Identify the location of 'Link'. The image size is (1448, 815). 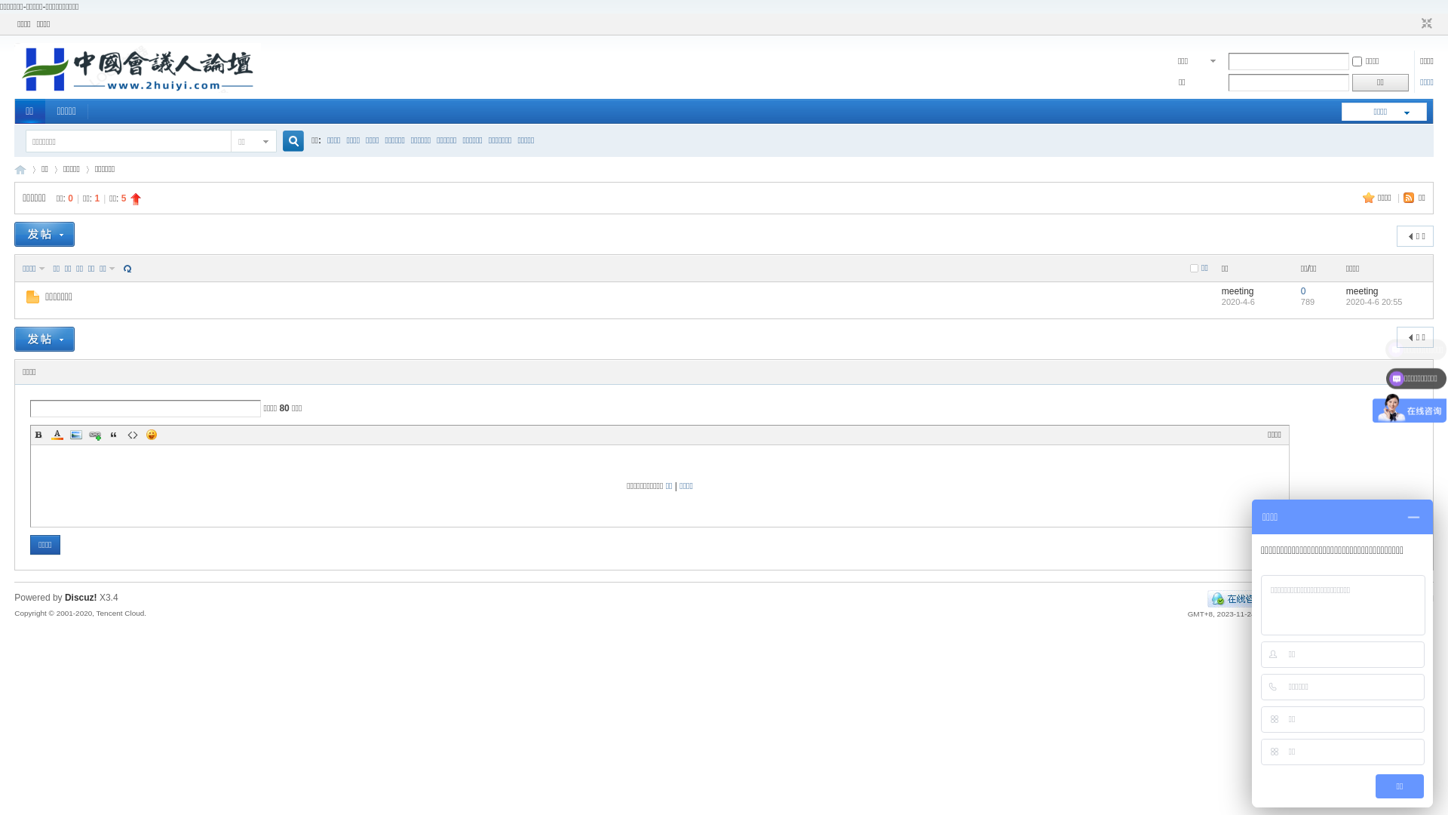
(94, 434).